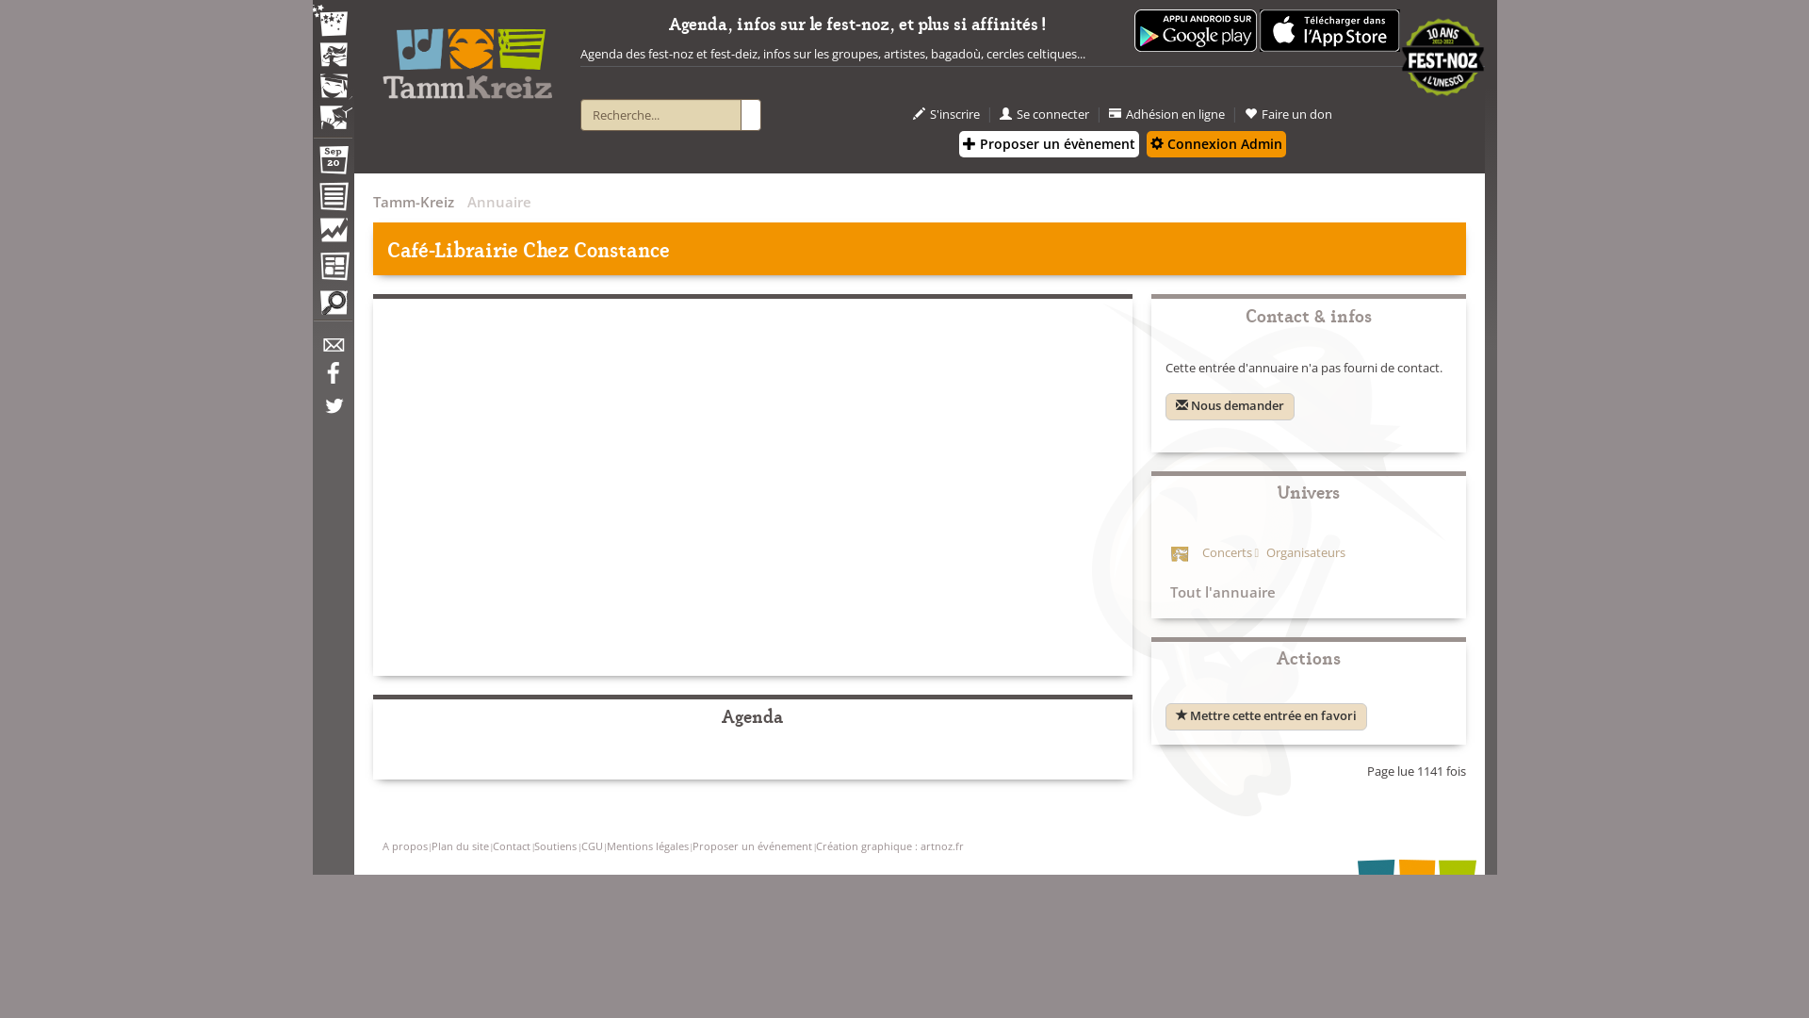  What do you see at coordinates (412, 201) in the screenshot?
I see `'Tamm-Kreiz'` at bounding box center [412, 201].